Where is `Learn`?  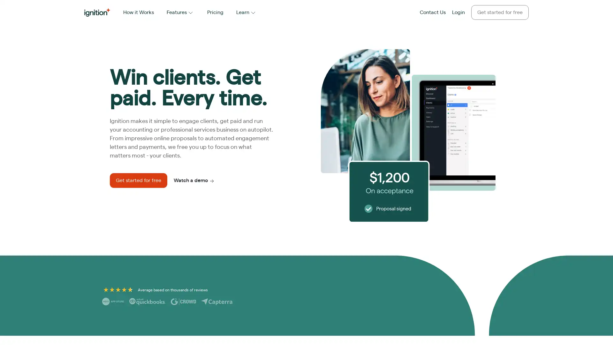
Learn is located at coordinates (246, 12).